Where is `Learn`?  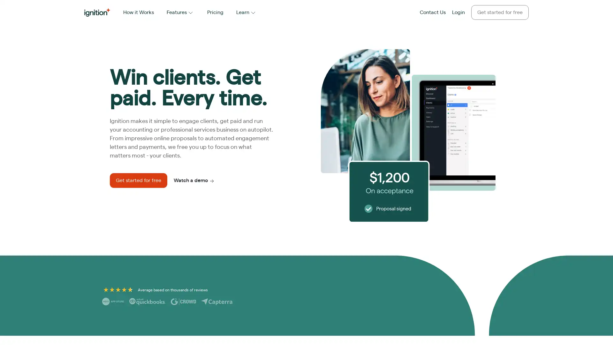
Learn is located at coordinates (246, 12).